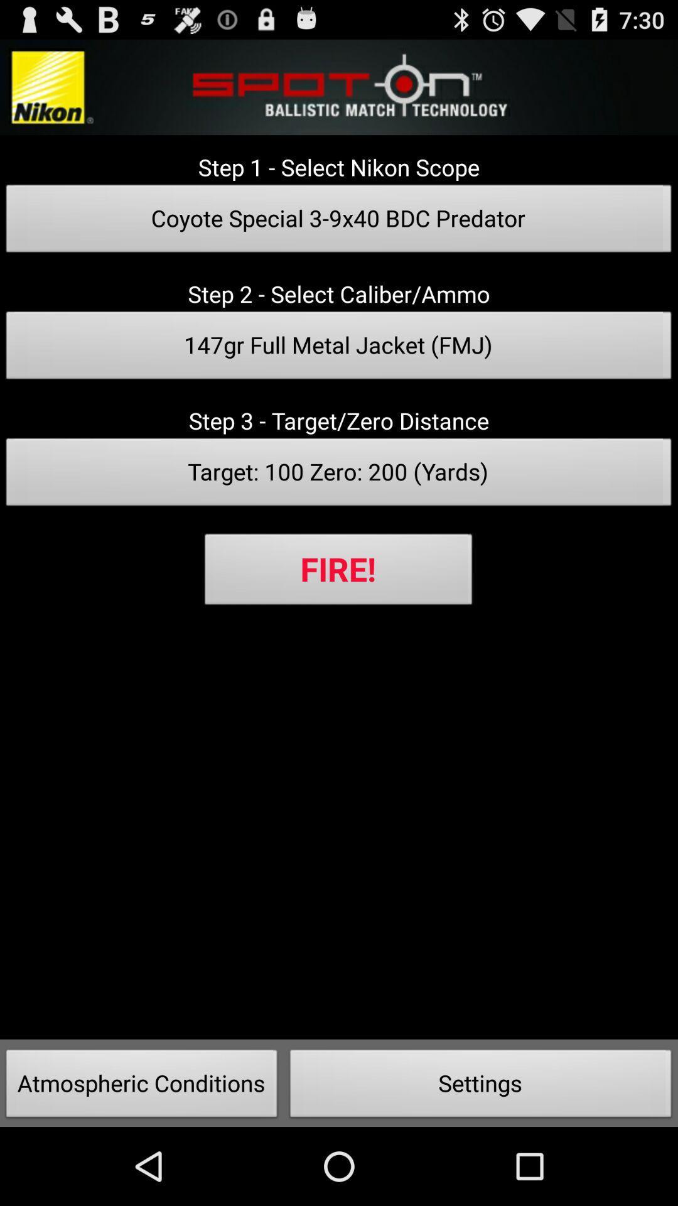 This screenshot has height=1206, width=678. I want to click on target 100 zero, so click(339, 475).